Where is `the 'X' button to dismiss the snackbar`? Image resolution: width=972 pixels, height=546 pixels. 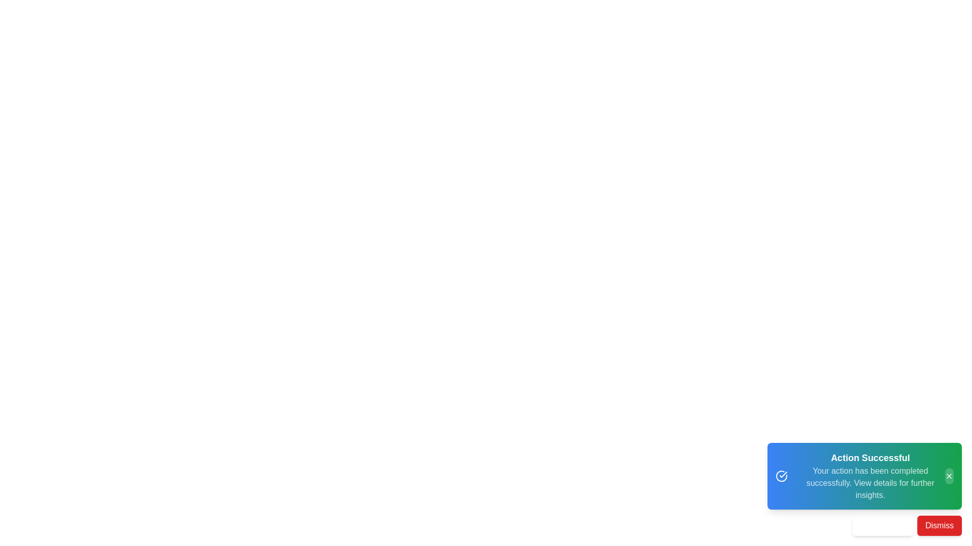
the 'X' button to dismiss the snackbar is located at coordinates (949, 476).